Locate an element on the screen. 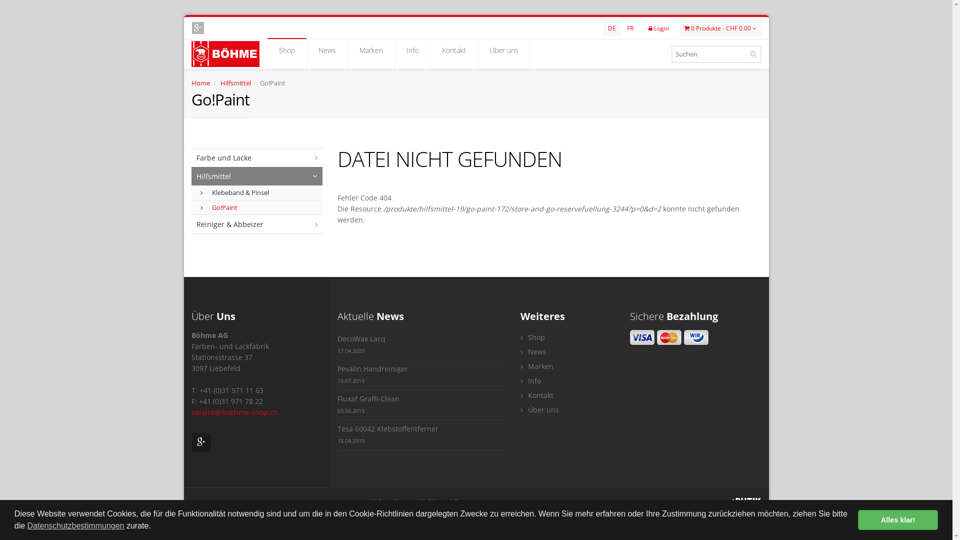  'Reiniger & Abbeizer' is located at coordinates (256, 223).